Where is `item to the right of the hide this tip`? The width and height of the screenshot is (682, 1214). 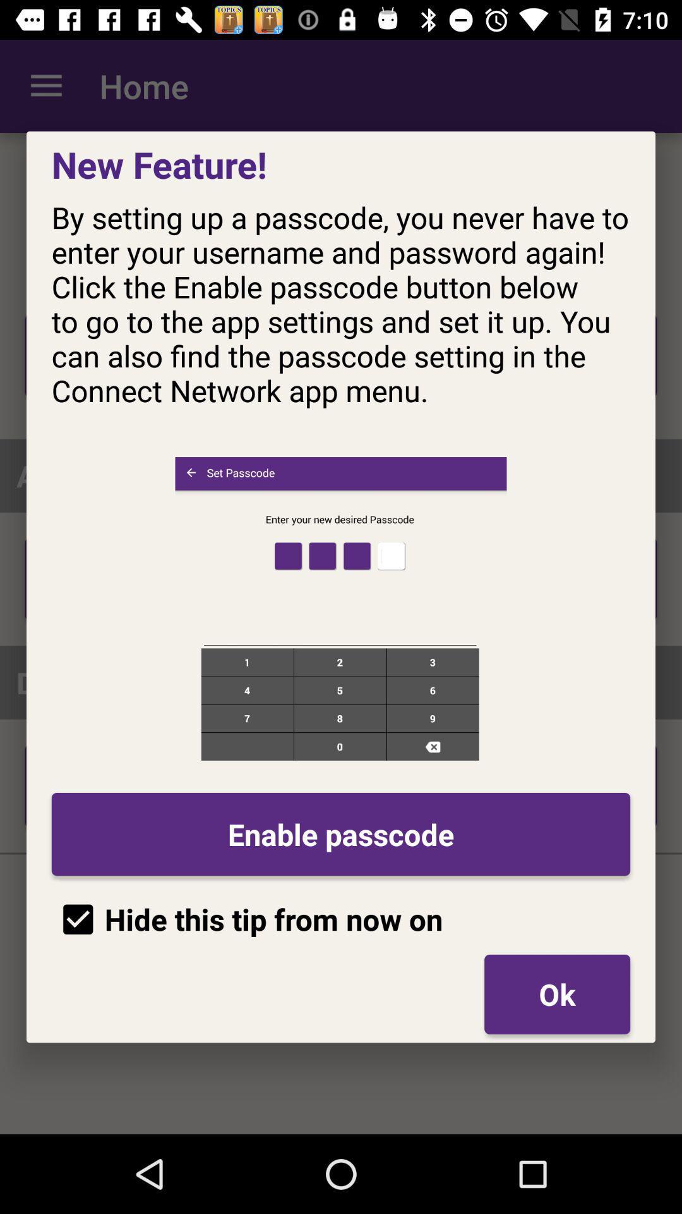 item to the right of the hide this tip is located at coordinates (556, 993).